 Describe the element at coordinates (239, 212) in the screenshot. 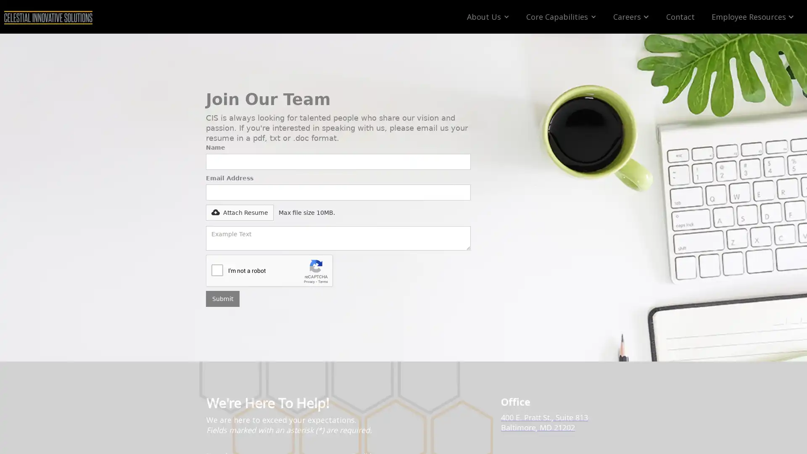

I see `Attach Resume` at that location.